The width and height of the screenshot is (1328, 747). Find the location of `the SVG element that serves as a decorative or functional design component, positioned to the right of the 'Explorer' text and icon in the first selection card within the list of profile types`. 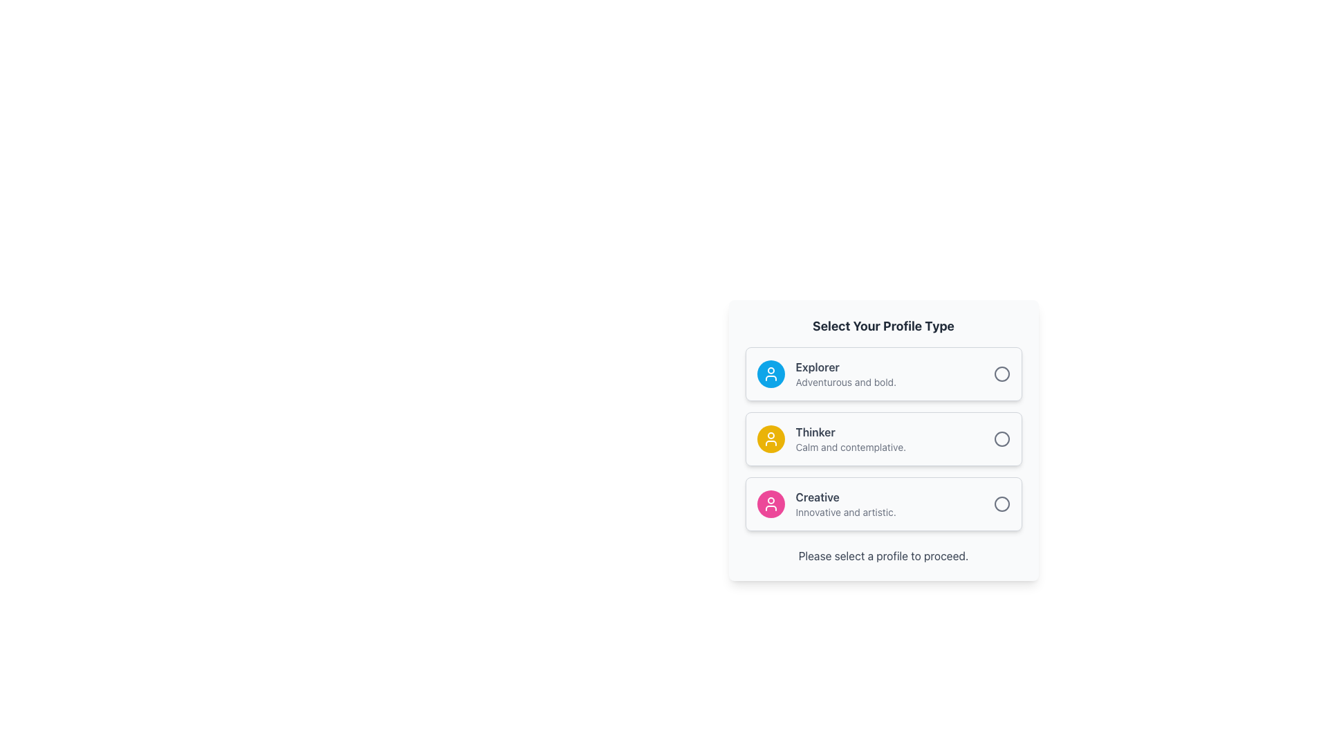

the SVG element that serves as a decorative or functional design component, positioned to the right of the 'Explorer' text and icon in the first selection card within the list of profile types is located at coordinates (1002, 373).